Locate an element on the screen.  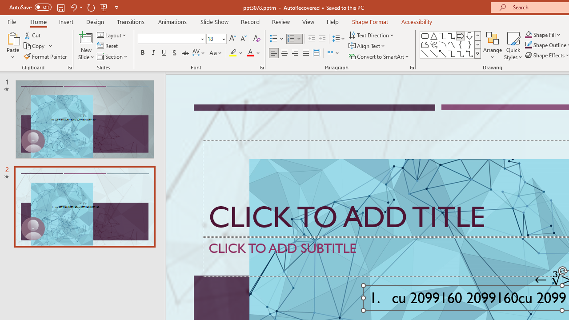
'Connector: Elbow Double-Arrow' is located at coordinates (469, 53).